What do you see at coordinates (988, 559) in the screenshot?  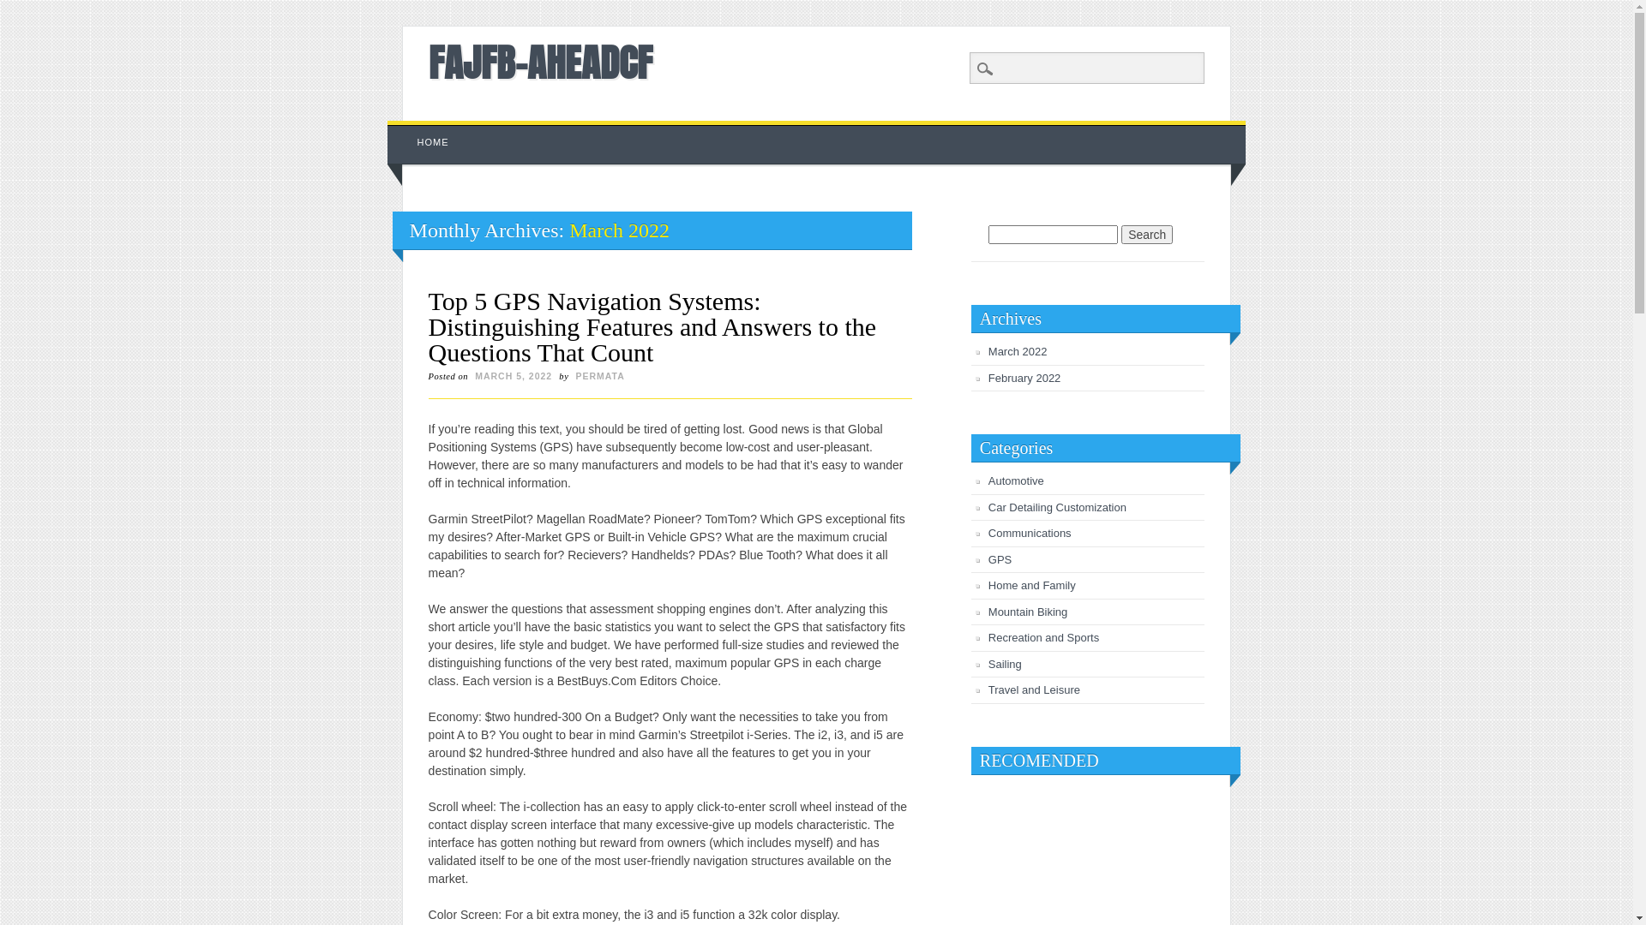 I see `'GPS'` at bounding box center [988, 559].